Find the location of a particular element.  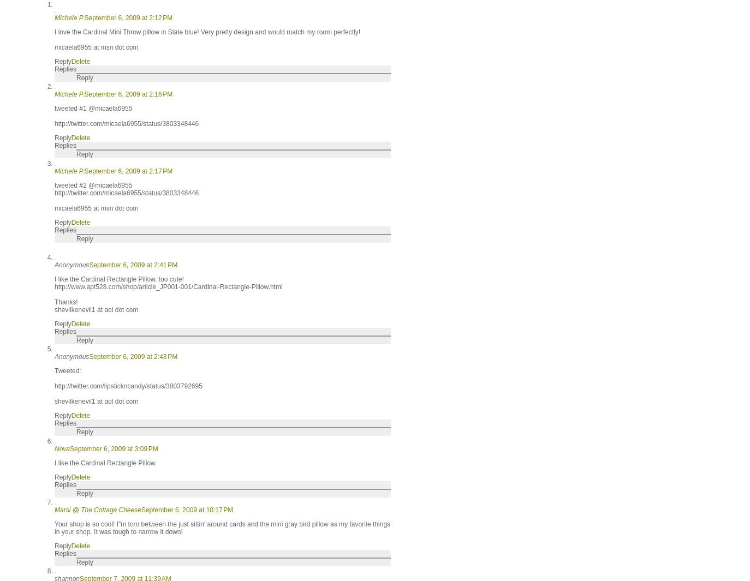

'Your shop is so cool!  I"m torn between the just sittin' around cards and the mini gray bird pillow as my favorite things in your shop.  It was tough to narrow it down!' is located at coordinates (222, 528).